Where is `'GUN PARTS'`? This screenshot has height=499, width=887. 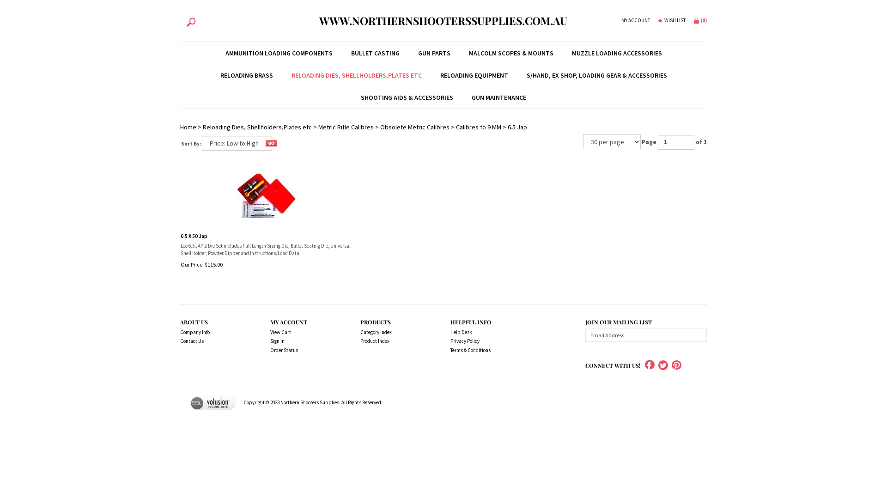
'GUN PARTS' is located at coordinates (407, 53).